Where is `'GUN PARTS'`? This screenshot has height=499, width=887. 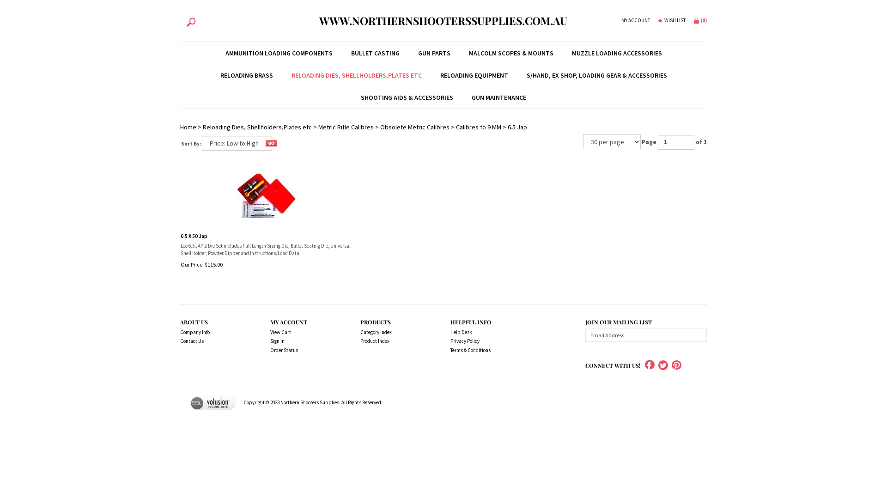
'GUN PARTS' is located at coordinates (407, 53).